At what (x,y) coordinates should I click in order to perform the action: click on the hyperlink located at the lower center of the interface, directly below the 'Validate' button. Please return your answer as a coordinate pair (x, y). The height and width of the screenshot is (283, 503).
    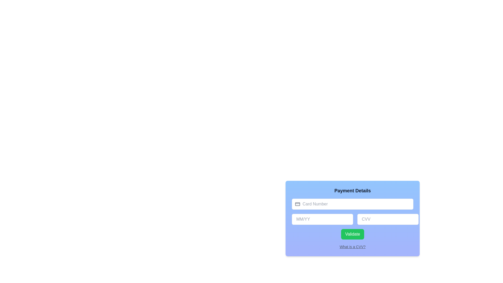
    Looking at the image, I should click on (352, 247).